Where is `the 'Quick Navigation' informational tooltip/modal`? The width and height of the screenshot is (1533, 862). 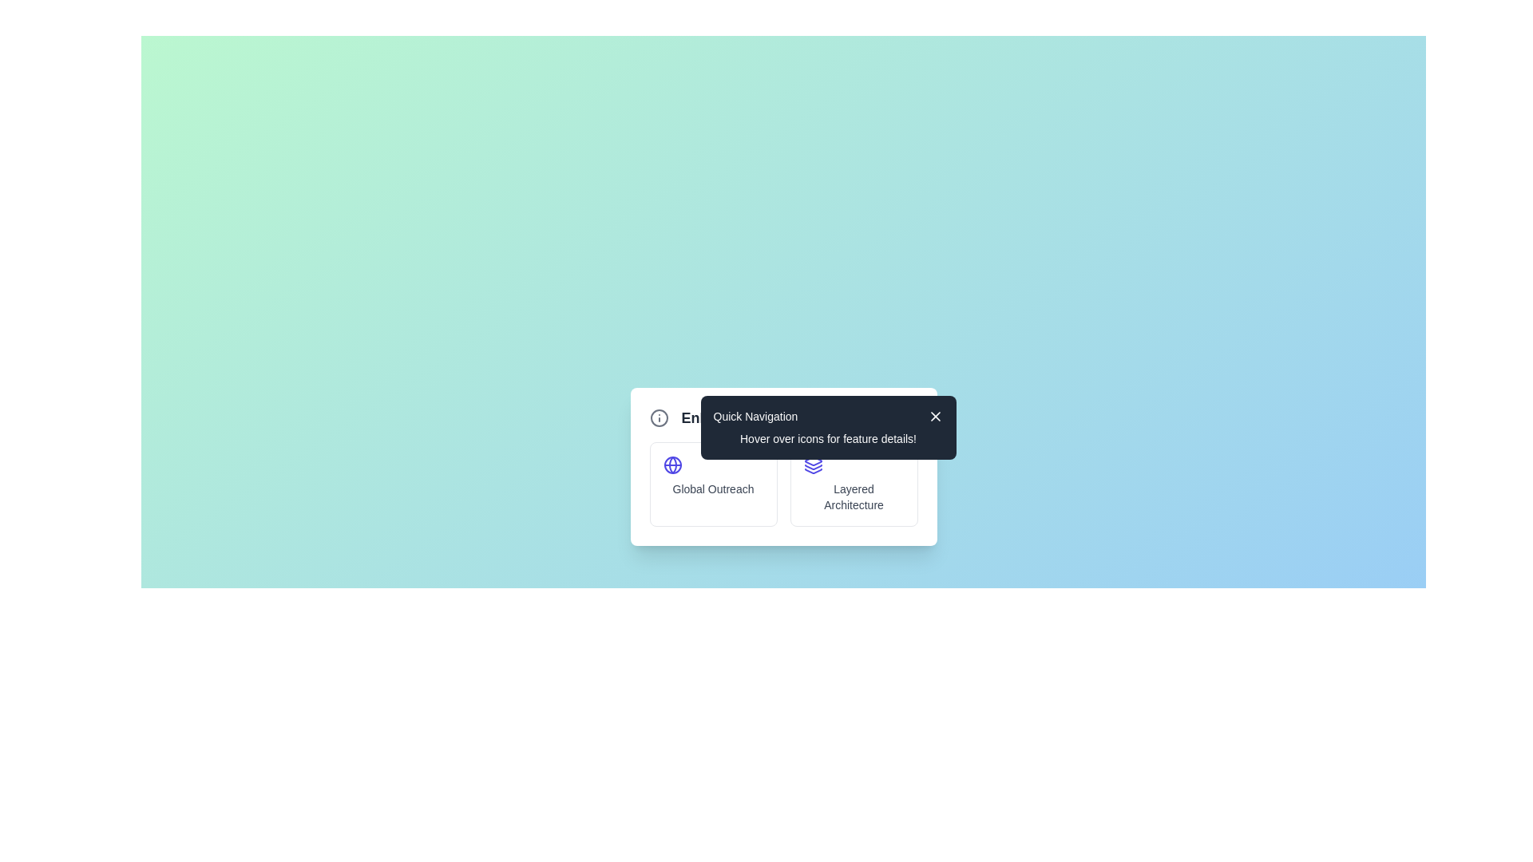
the 'Quick Navigation' informational tooltip/modal is located at coordinates (809, 417).